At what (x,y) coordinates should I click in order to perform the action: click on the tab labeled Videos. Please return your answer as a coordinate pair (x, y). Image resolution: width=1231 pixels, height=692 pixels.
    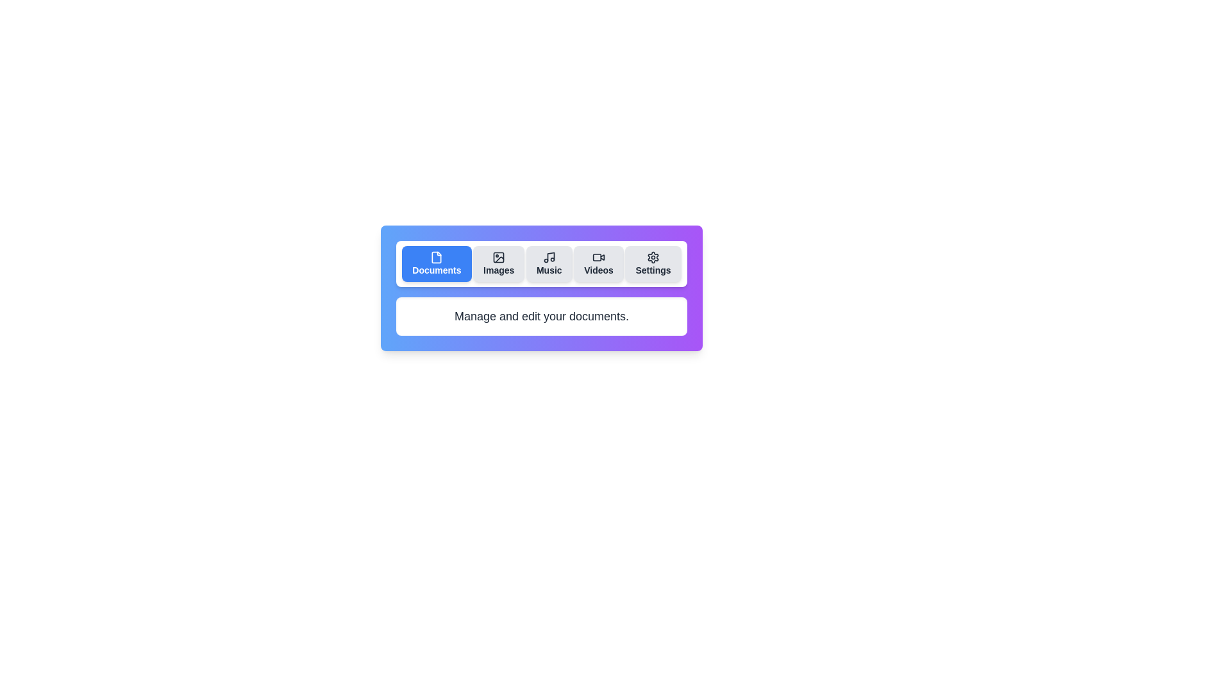
    Looking at the image, I should click on (598, 263).